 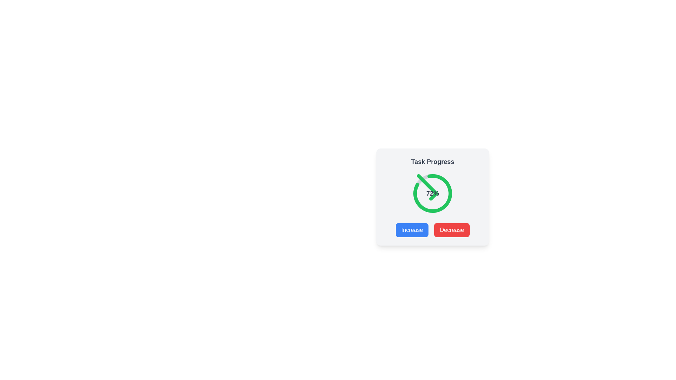 What do you see at coordinates (412, 230) in the screenshot?
I see `the leftmost button at the bottom of the card` at bounding box center [412, 230].